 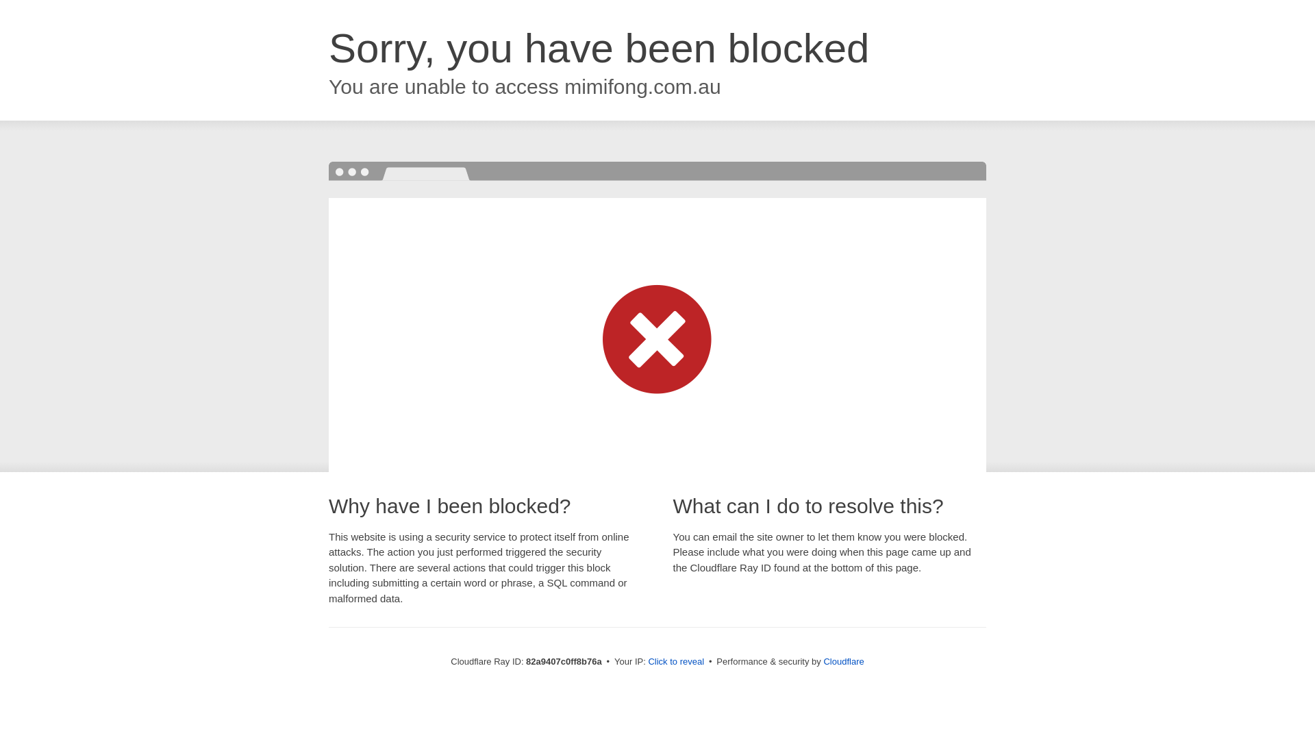 I want to click on 'Cloudflare', so click(x=822, y=661).